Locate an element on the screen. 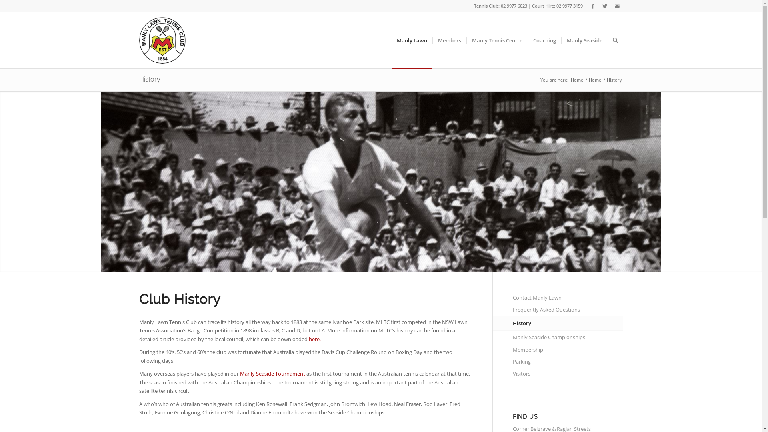 This screenshot has height=432, width=768. 'Parking' is located at coordinates (512, 362).